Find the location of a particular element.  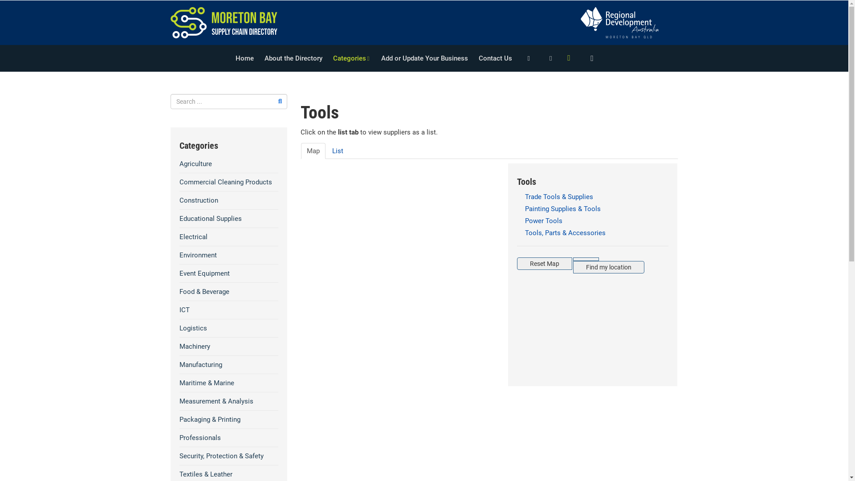

'Home' is located at coordinates (244, 58).